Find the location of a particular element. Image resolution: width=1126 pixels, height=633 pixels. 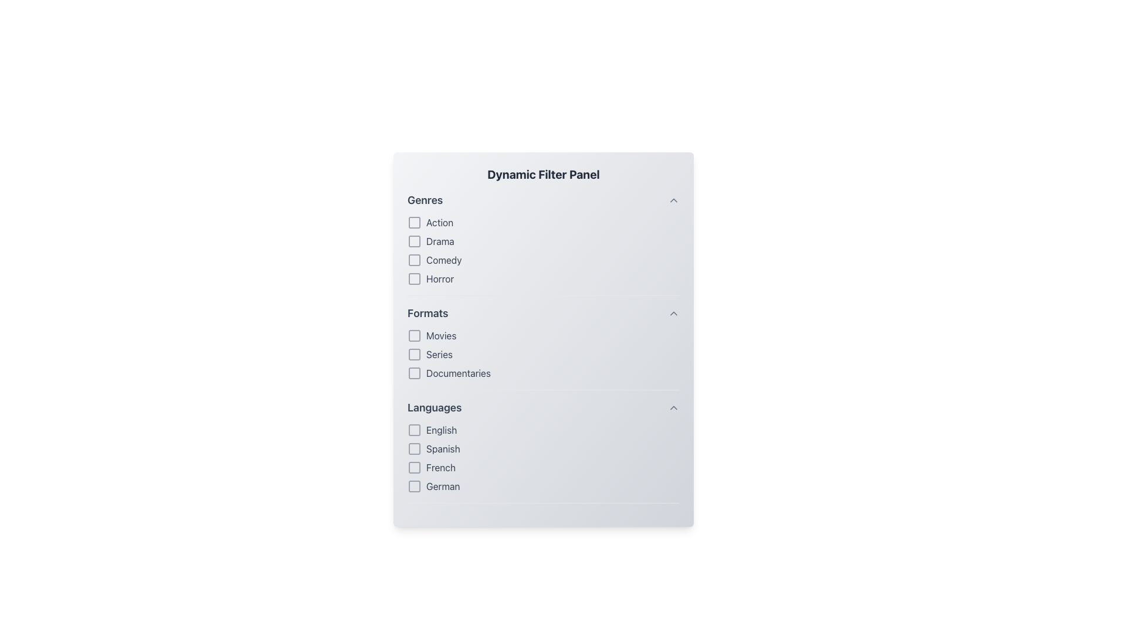

the 'Comedy' genre checkbox is located at coordinates (414, 259).